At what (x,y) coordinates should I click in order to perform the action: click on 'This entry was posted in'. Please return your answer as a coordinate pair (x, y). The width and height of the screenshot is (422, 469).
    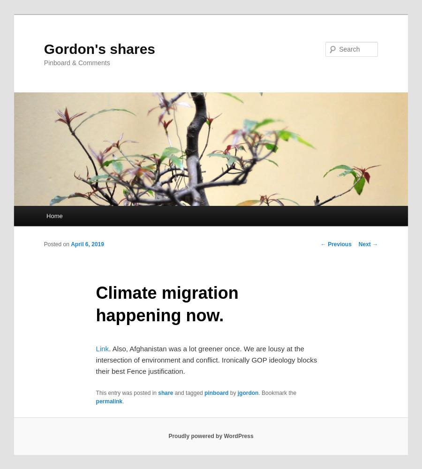
    Looking at the image, I should click on (126, 393).